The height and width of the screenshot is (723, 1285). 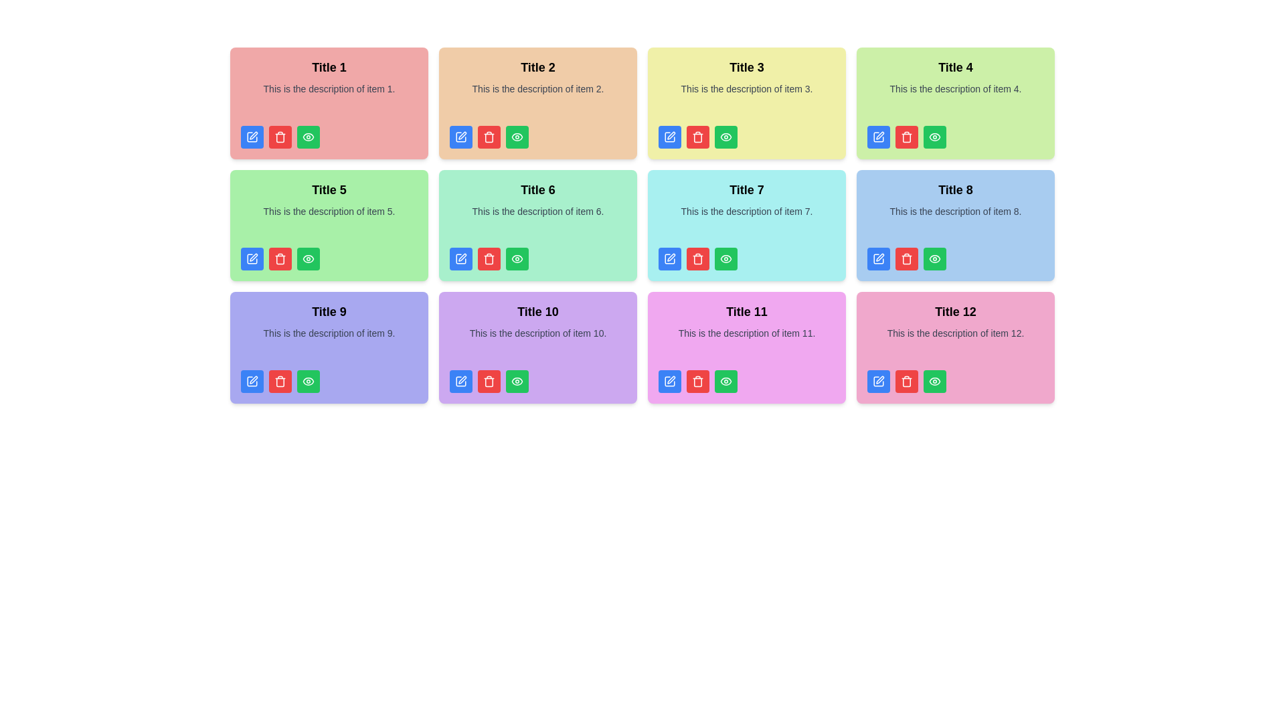 What do you see at coordinates (879, 137) in the screenshot?
I see `the edit button located in the action button row of the card labeled 'Title 4', which is the leftmost button directly beneath the description text` at bounding box center [879, 137].